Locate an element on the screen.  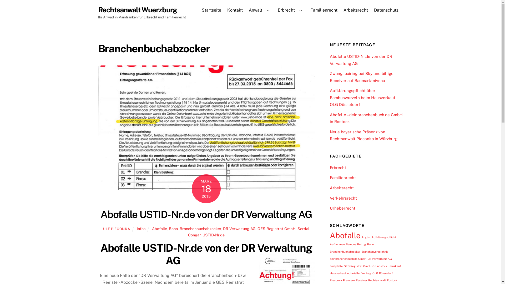
'Kontakt' is located at coordinates (235, 10).